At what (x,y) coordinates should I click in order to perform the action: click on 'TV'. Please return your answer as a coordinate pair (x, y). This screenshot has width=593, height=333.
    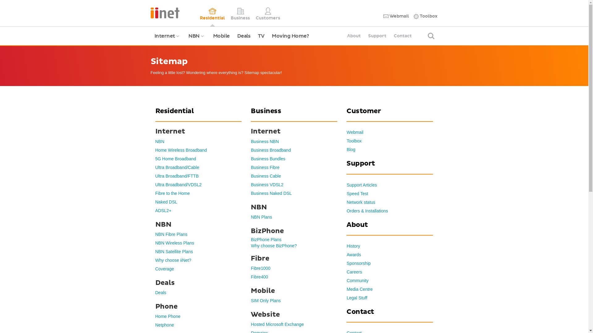
    Looking at the image, I should click on (261, 36).